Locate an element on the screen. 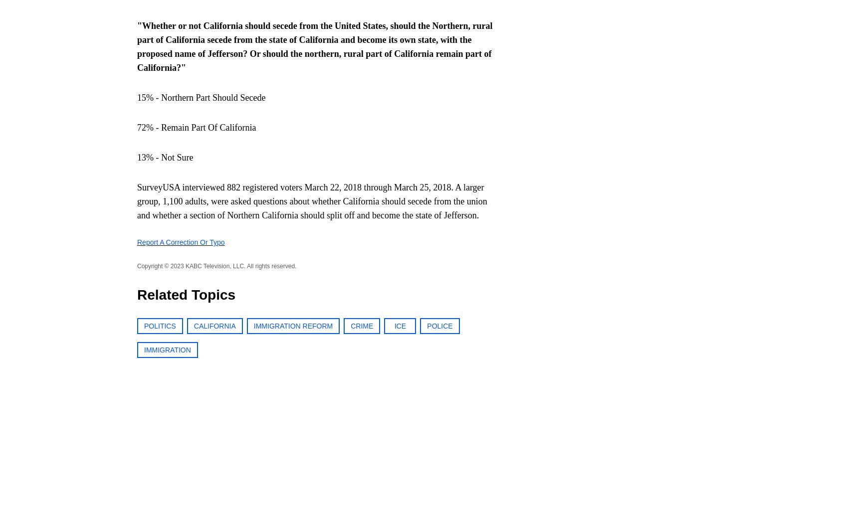 This screenshot has width=844, height=529. 'ICE' is located at coordinates (394, 326).